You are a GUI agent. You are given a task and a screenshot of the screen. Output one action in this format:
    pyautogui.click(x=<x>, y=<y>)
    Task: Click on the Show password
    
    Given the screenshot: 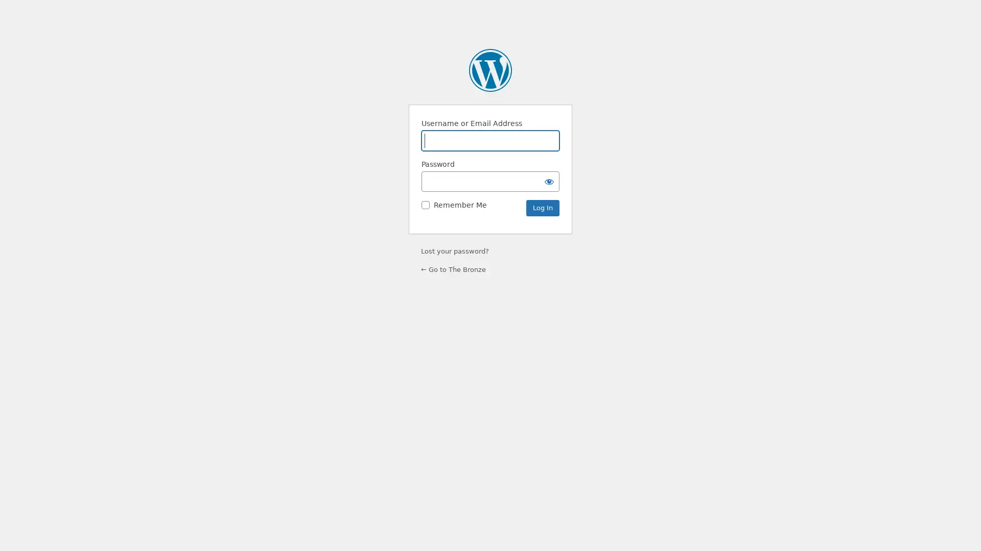 What is the action you would take?
    pyautogui.click(x=549, y=181)
    